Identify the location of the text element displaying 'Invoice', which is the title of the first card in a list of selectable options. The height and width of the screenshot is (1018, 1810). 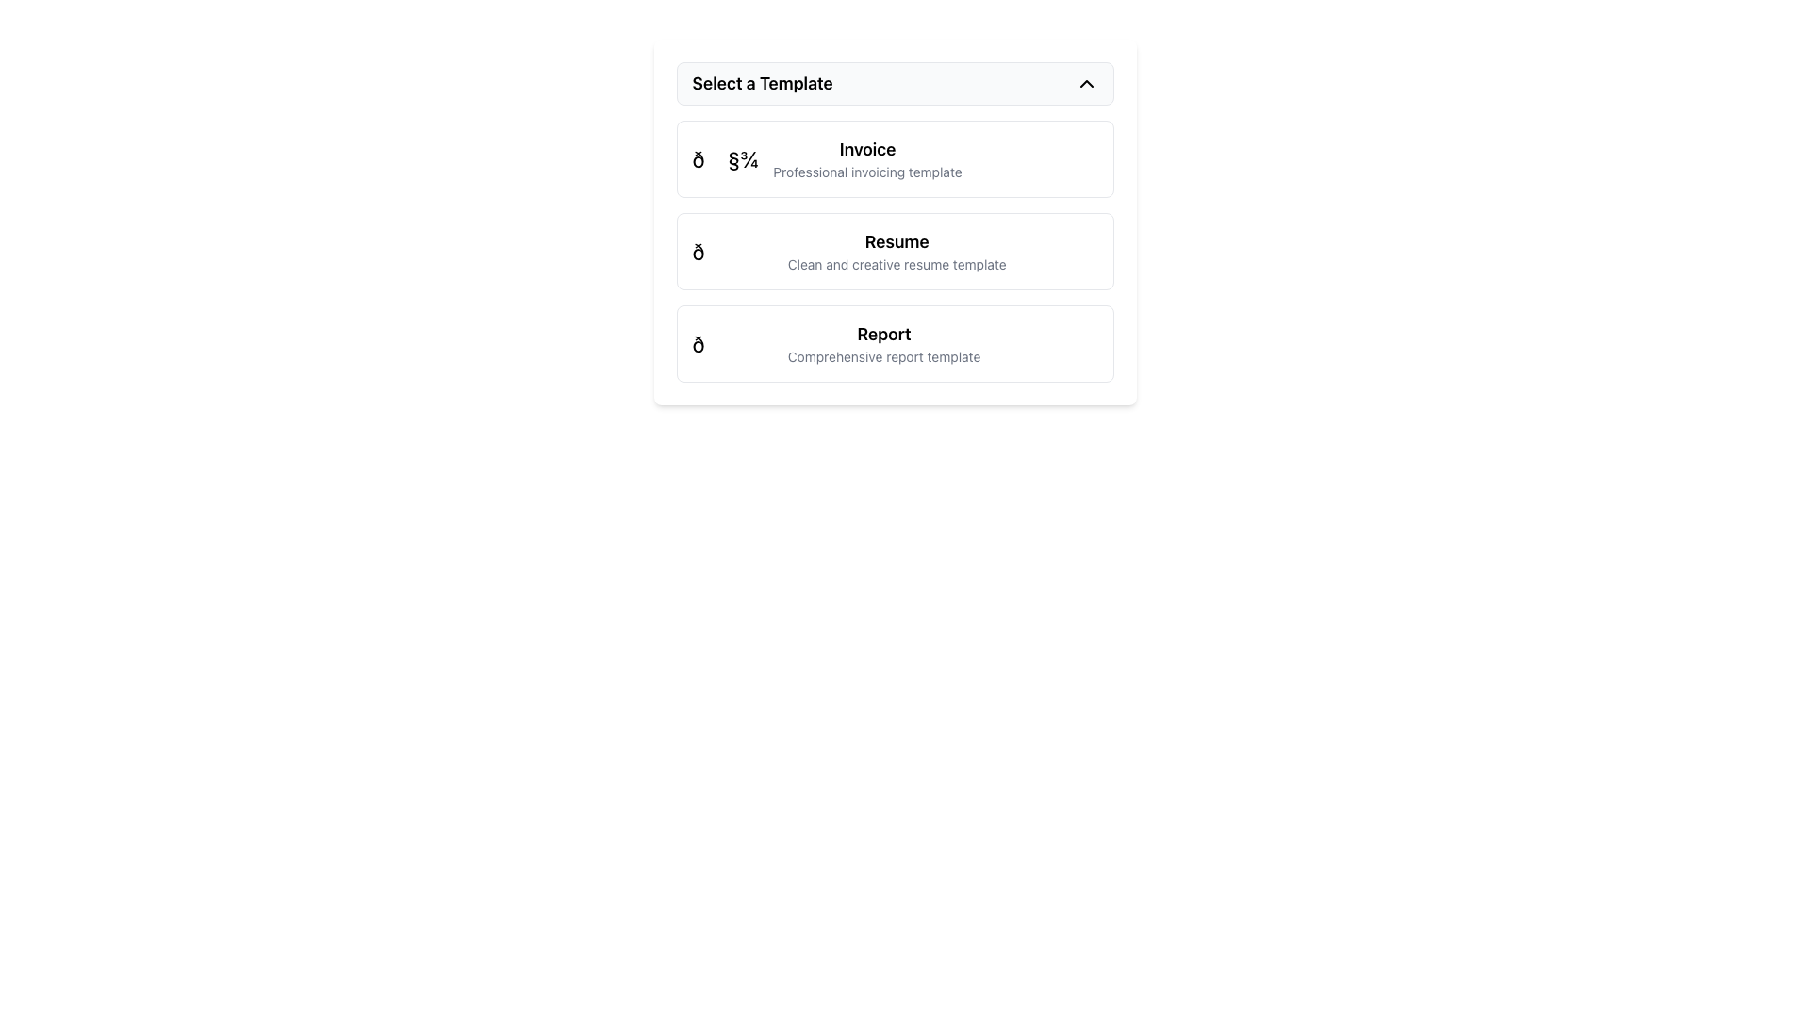
(866, 148).